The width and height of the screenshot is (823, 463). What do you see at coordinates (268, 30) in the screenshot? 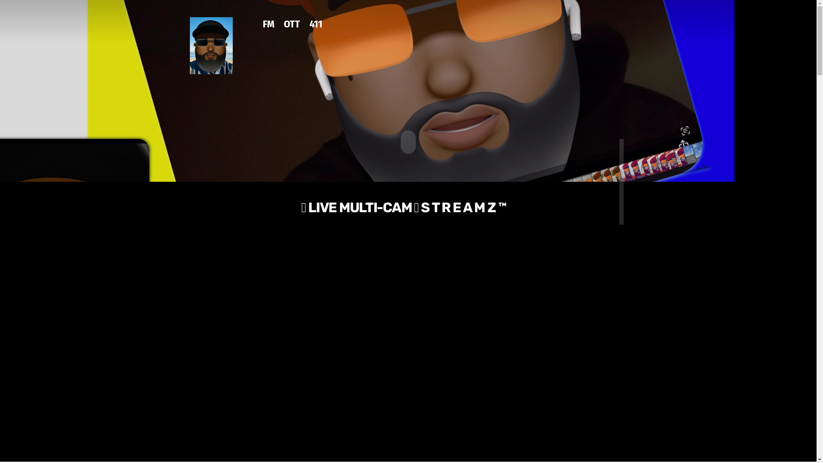
I see `'FM'` at bounding box center [268, 30].